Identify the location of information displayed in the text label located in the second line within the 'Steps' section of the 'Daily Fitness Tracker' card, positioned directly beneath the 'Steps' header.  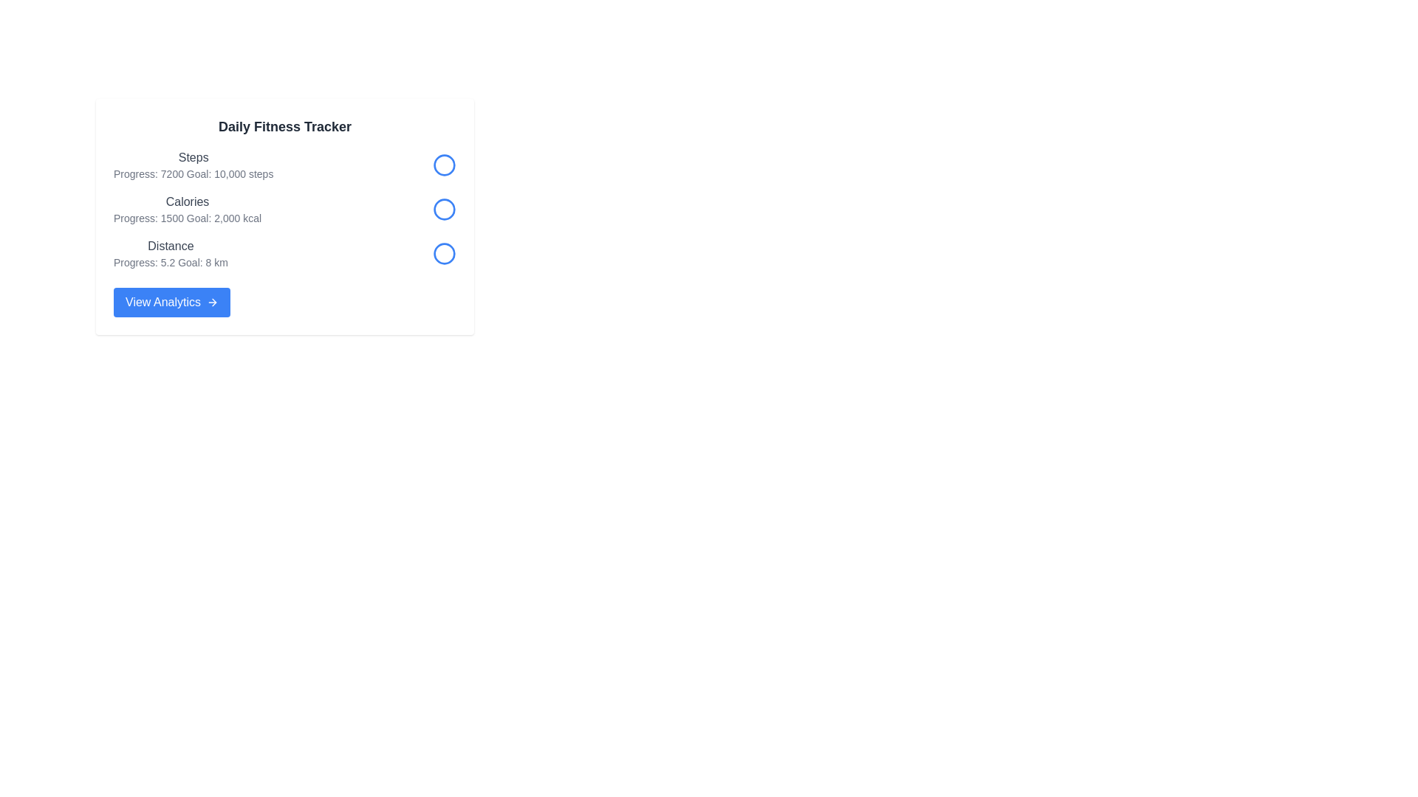
(193, 173).